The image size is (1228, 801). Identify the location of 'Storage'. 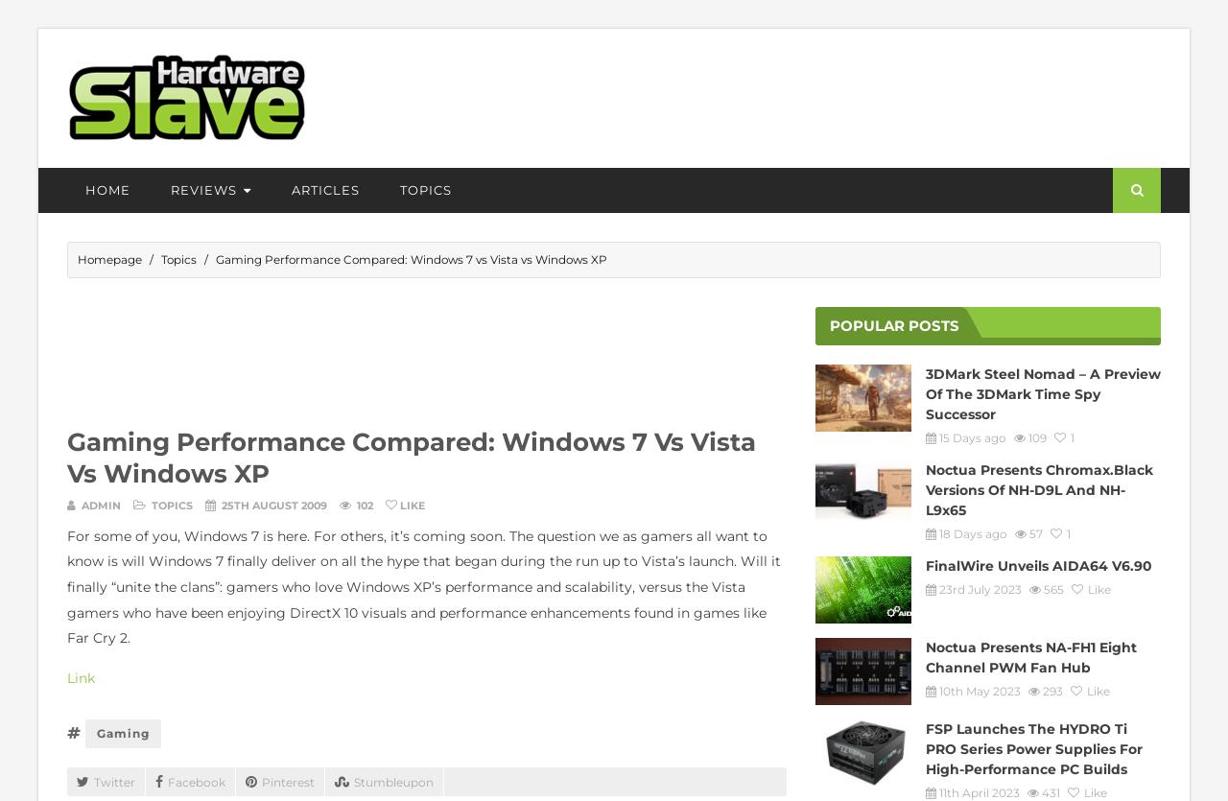
(193, 456).